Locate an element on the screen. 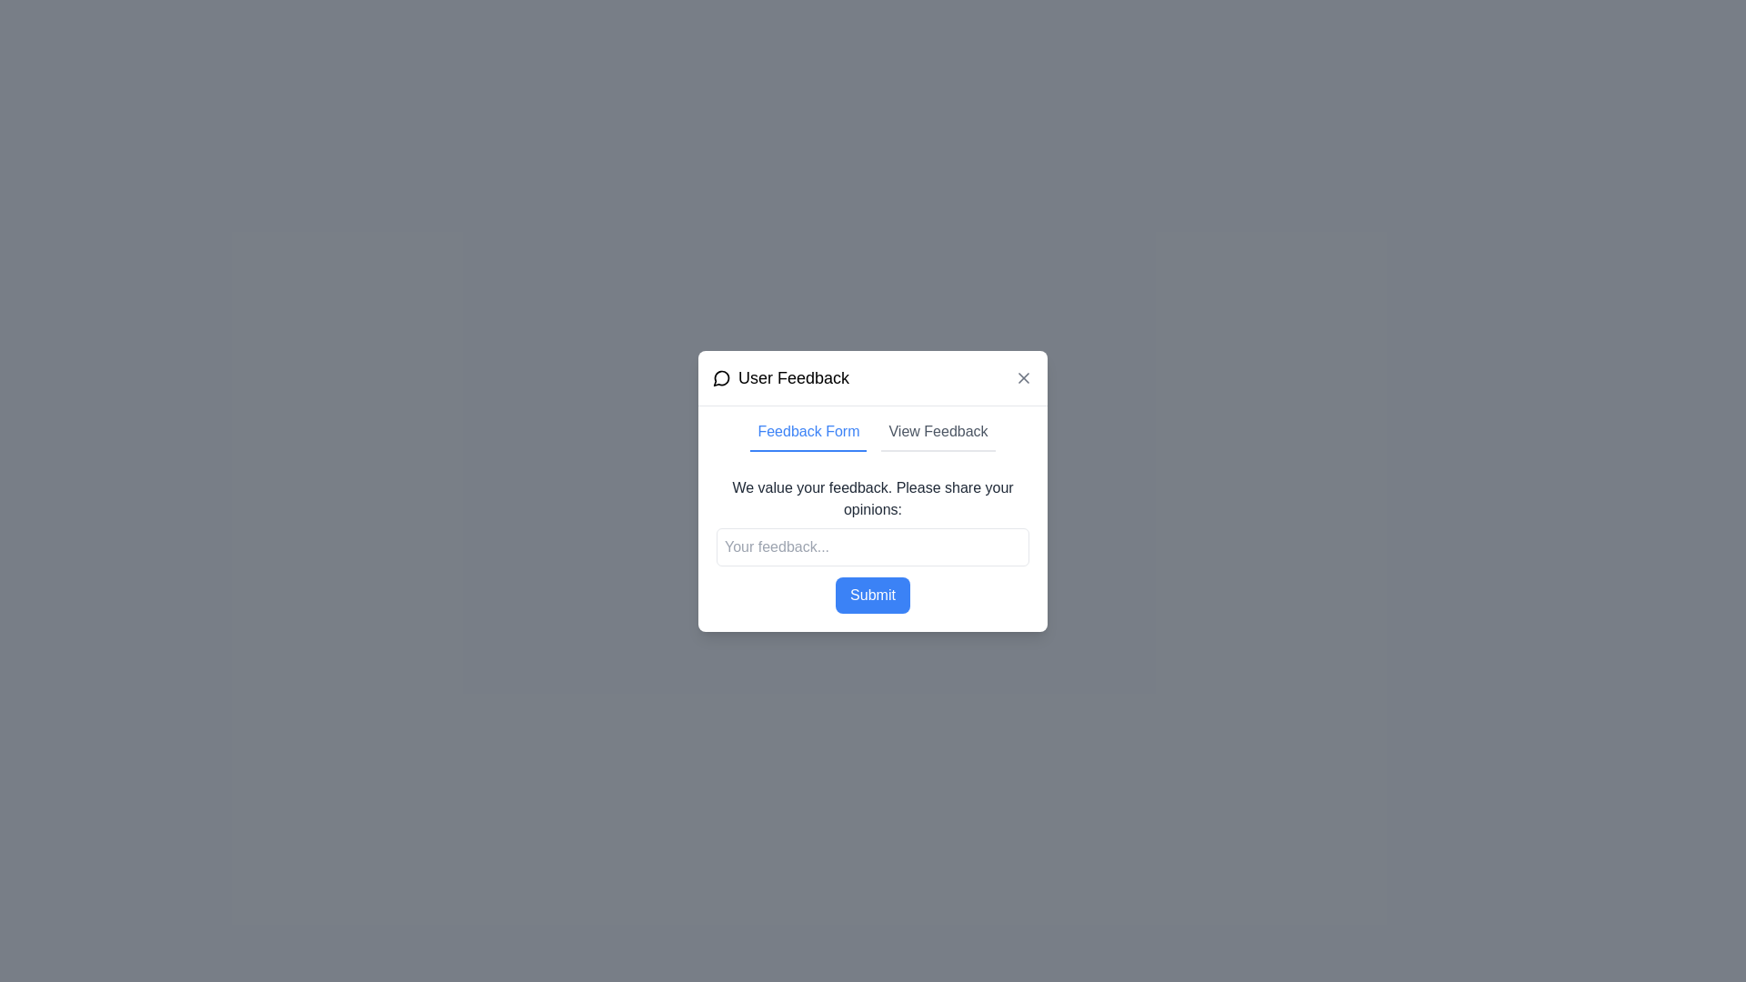  the feedback submission button located directly beneath the 'Your feedback...' text input field is located at coordinates (873, 595).